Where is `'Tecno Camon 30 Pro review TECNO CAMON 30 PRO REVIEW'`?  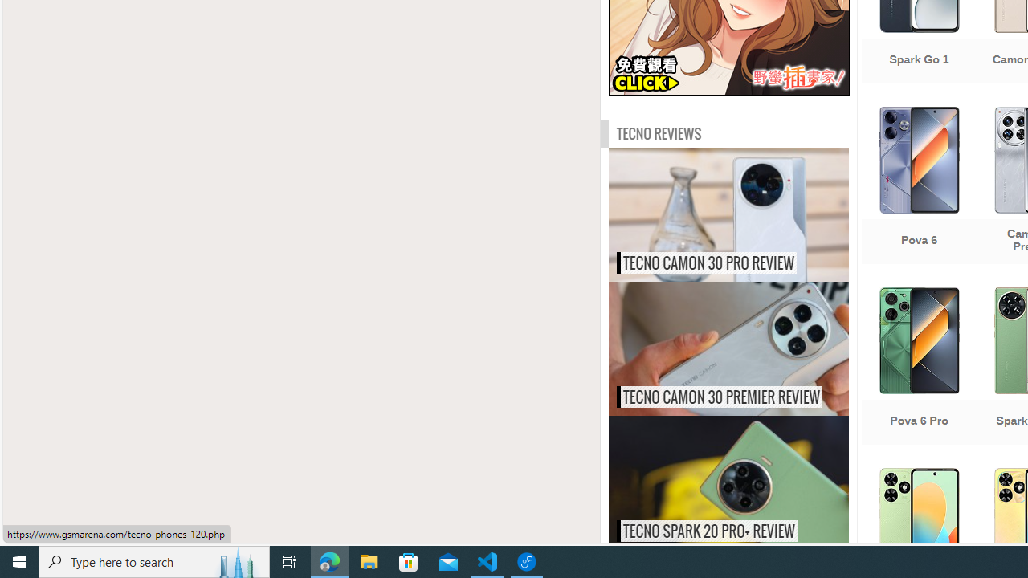 'Tecno Camon 30 Pro review TECNO CAMON 30 PRO REVIEW' is located at coordinates (728, 214).